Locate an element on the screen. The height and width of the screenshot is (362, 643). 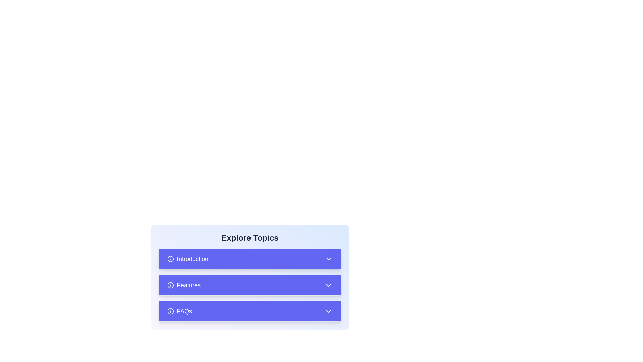
text of the 'Introduction' label, which is the first element in a vertical list on a blue background with a white font color is located at coordinates (188, 258).